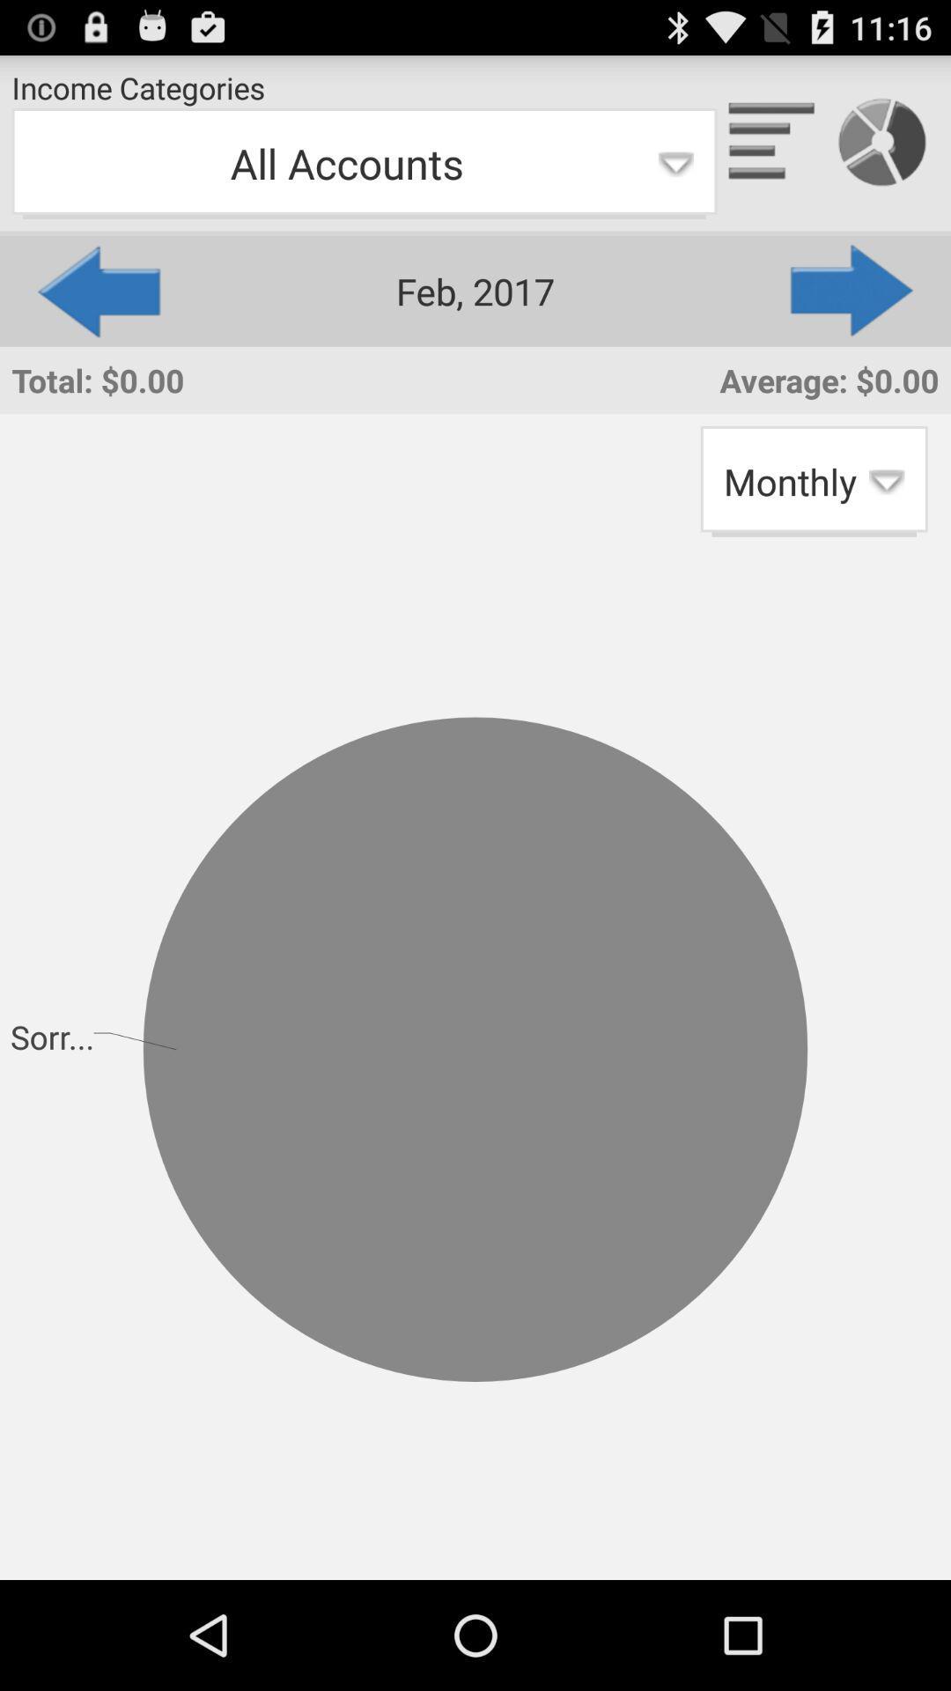 The width and height of the screenshot is (951, 1691). Describe the element at coordinates (97, 291) in the screenshot. I see `icon to the left of the feb, 2017 app` at that location.